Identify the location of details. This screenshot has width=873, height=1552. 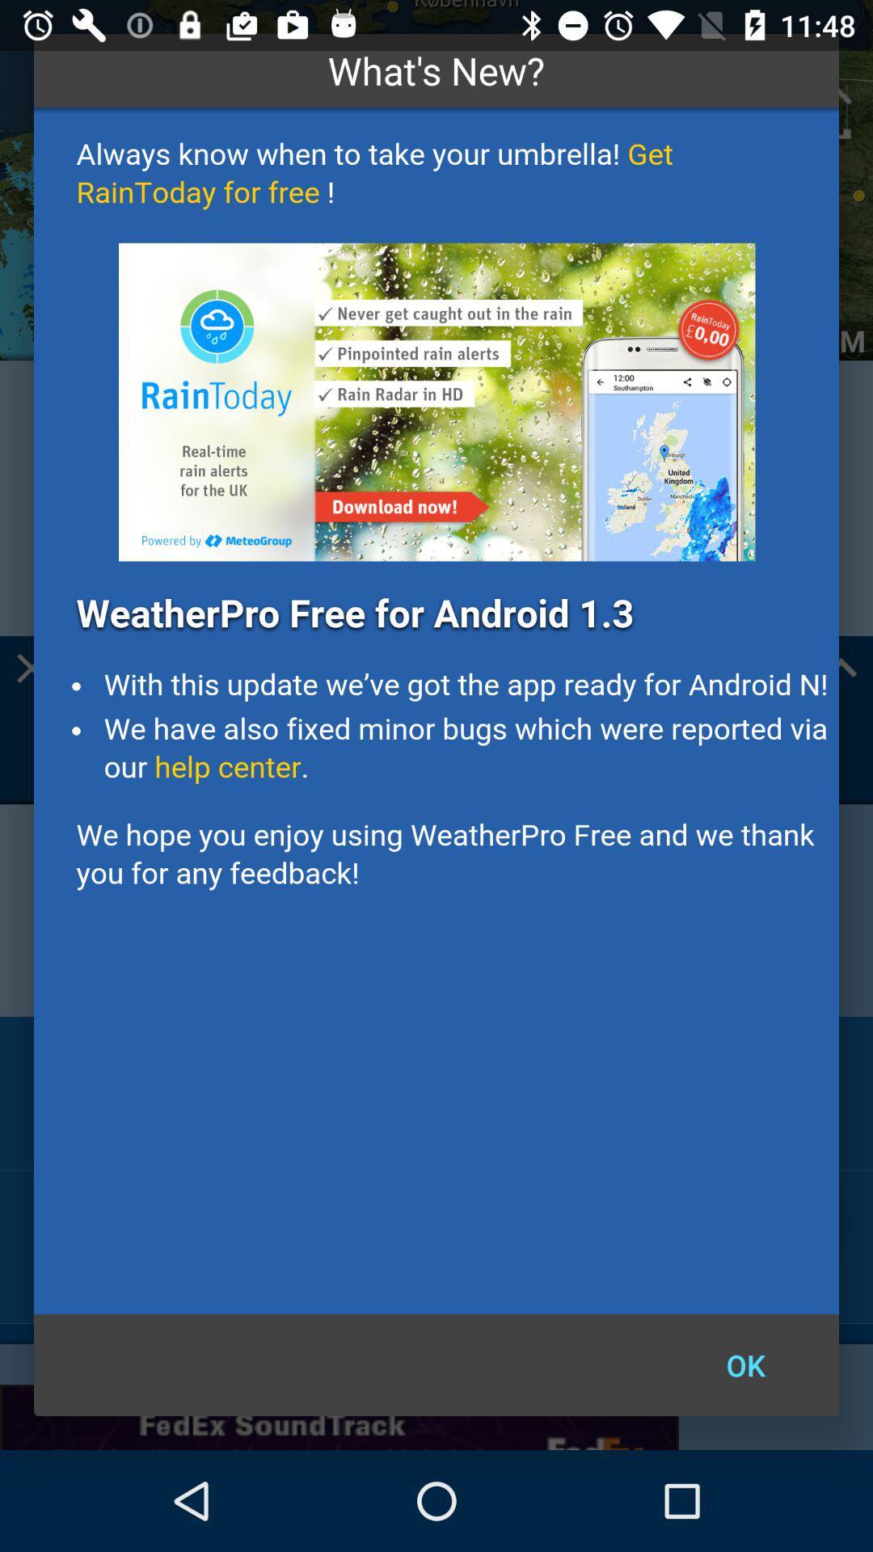
(436, 711).